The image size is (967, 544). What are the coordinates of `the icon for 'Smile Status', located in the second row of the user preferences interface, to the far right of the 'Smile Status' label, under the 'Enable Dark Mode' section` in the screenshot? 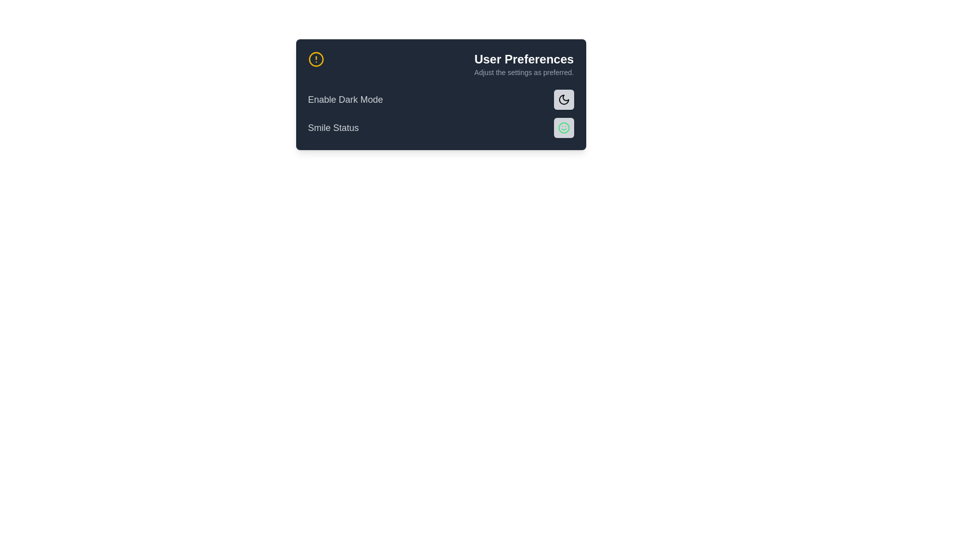 It's located at (563, 127).